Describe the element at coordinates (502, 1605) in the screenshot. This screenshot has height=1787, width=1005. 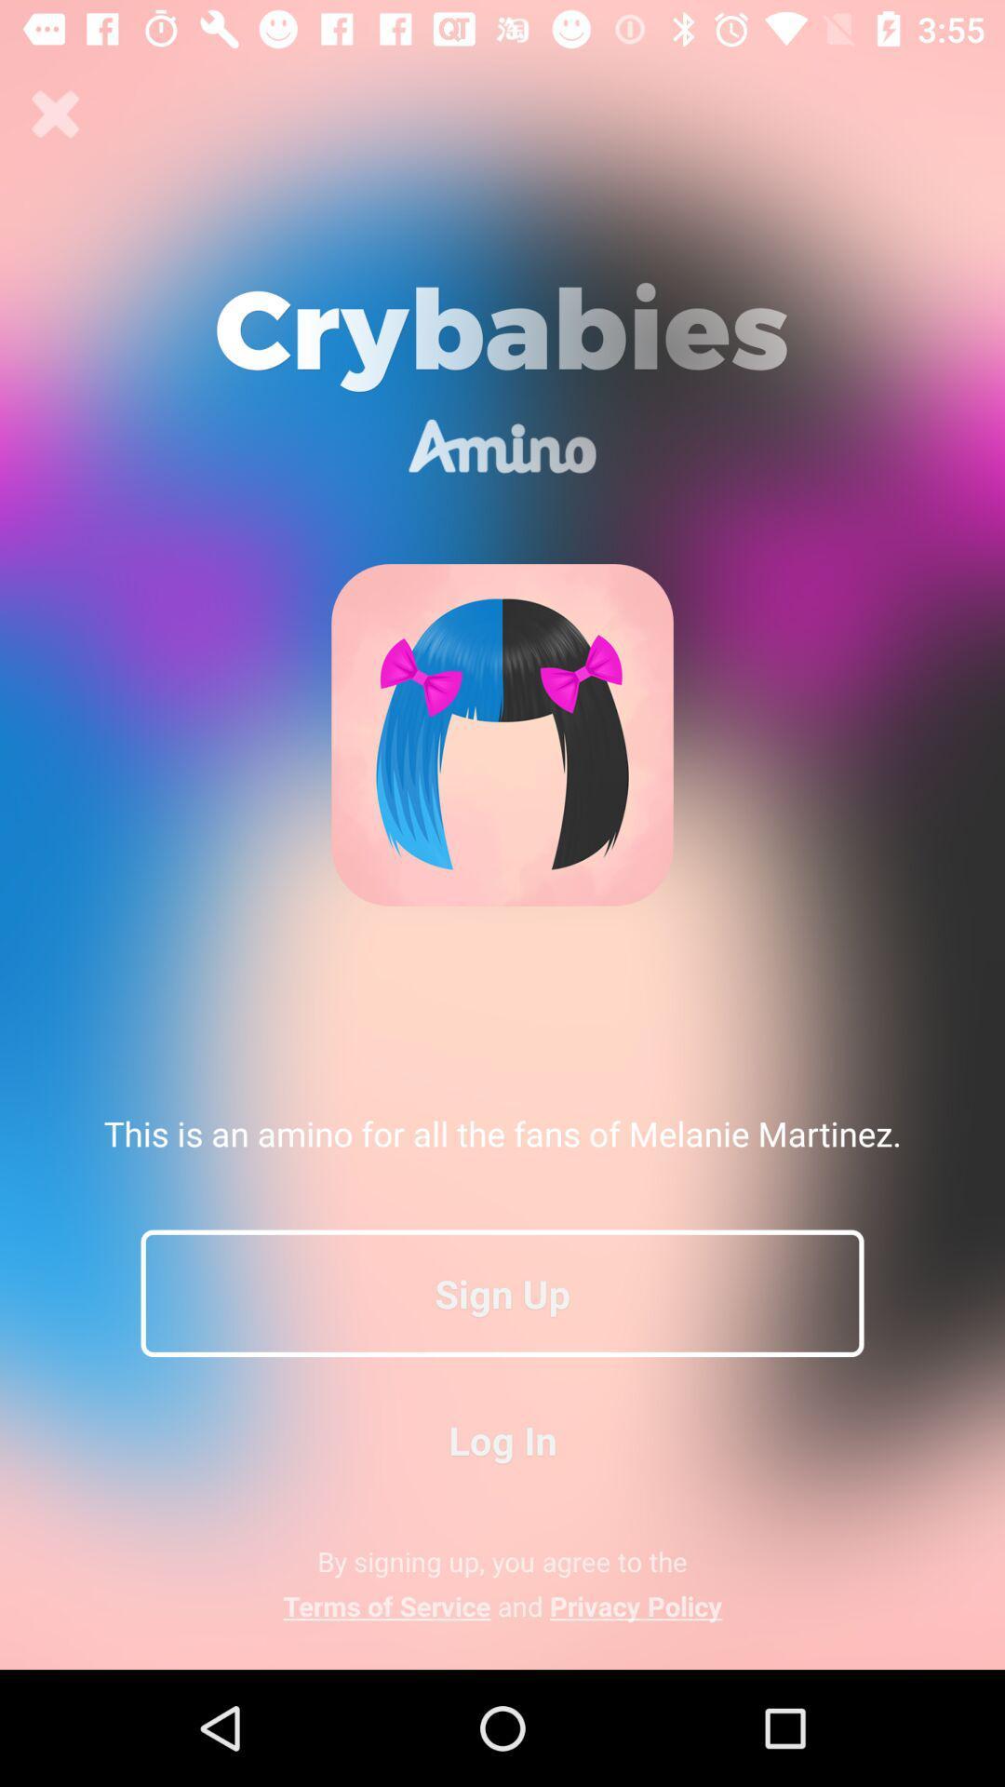
I see `the icon below by signing up app` at that location.